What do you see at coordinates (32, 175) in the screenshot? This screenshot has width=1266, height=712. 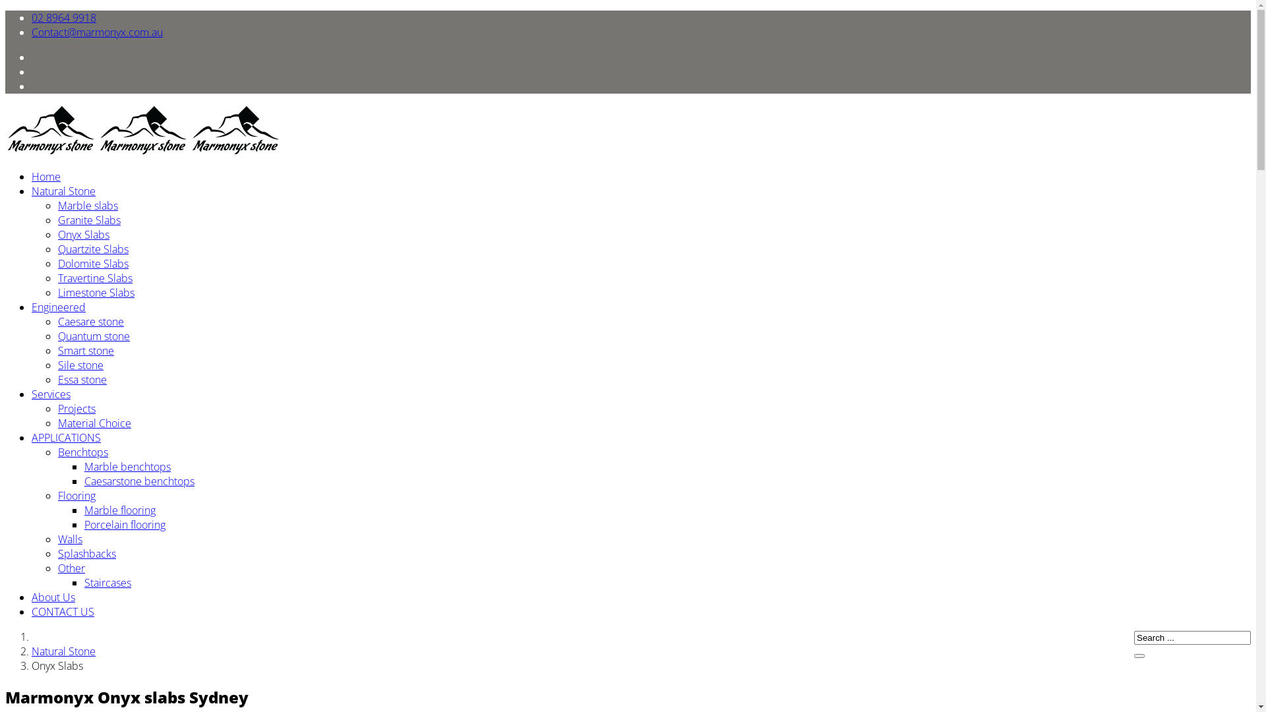 I see `'Home'` at bounding box center [32, 175].